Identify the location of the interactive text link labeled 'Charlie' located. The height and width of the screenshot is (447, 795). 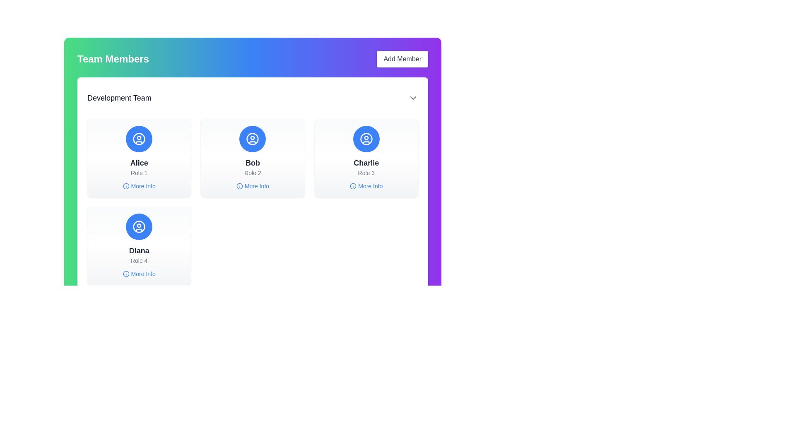
(366, 186).